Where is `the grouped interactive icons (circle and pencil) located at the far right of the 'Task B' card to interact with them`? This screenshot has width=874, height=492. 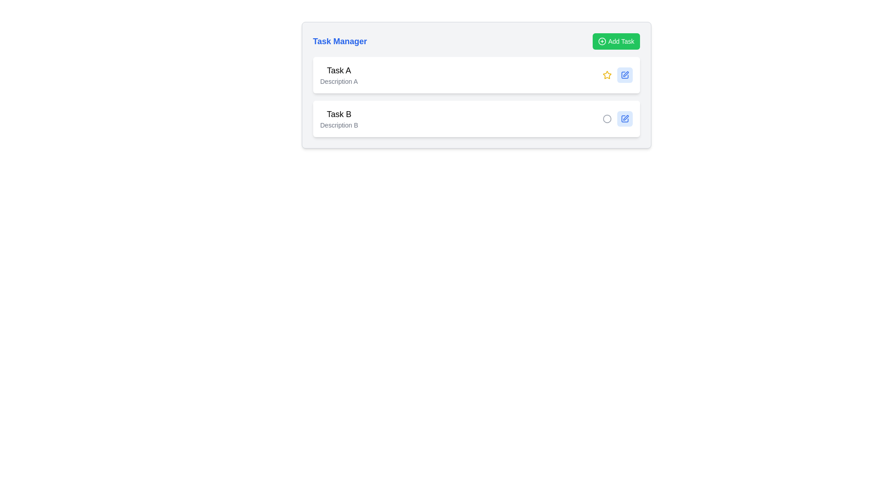 the grouped interactive icons (circle and pencil) located at the far right of the 'Task B' card to interact with them is located at coordinates (617, 118).